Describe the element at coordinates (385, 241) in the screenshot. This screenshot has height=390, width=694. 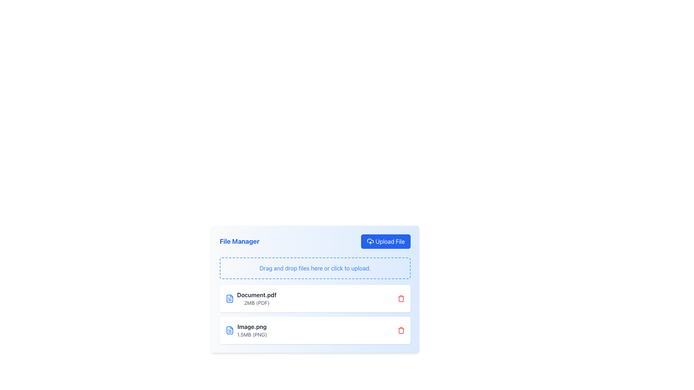
I see `the rounded rectangular button with a blue background and white text reading 'Upload File'` at that location.